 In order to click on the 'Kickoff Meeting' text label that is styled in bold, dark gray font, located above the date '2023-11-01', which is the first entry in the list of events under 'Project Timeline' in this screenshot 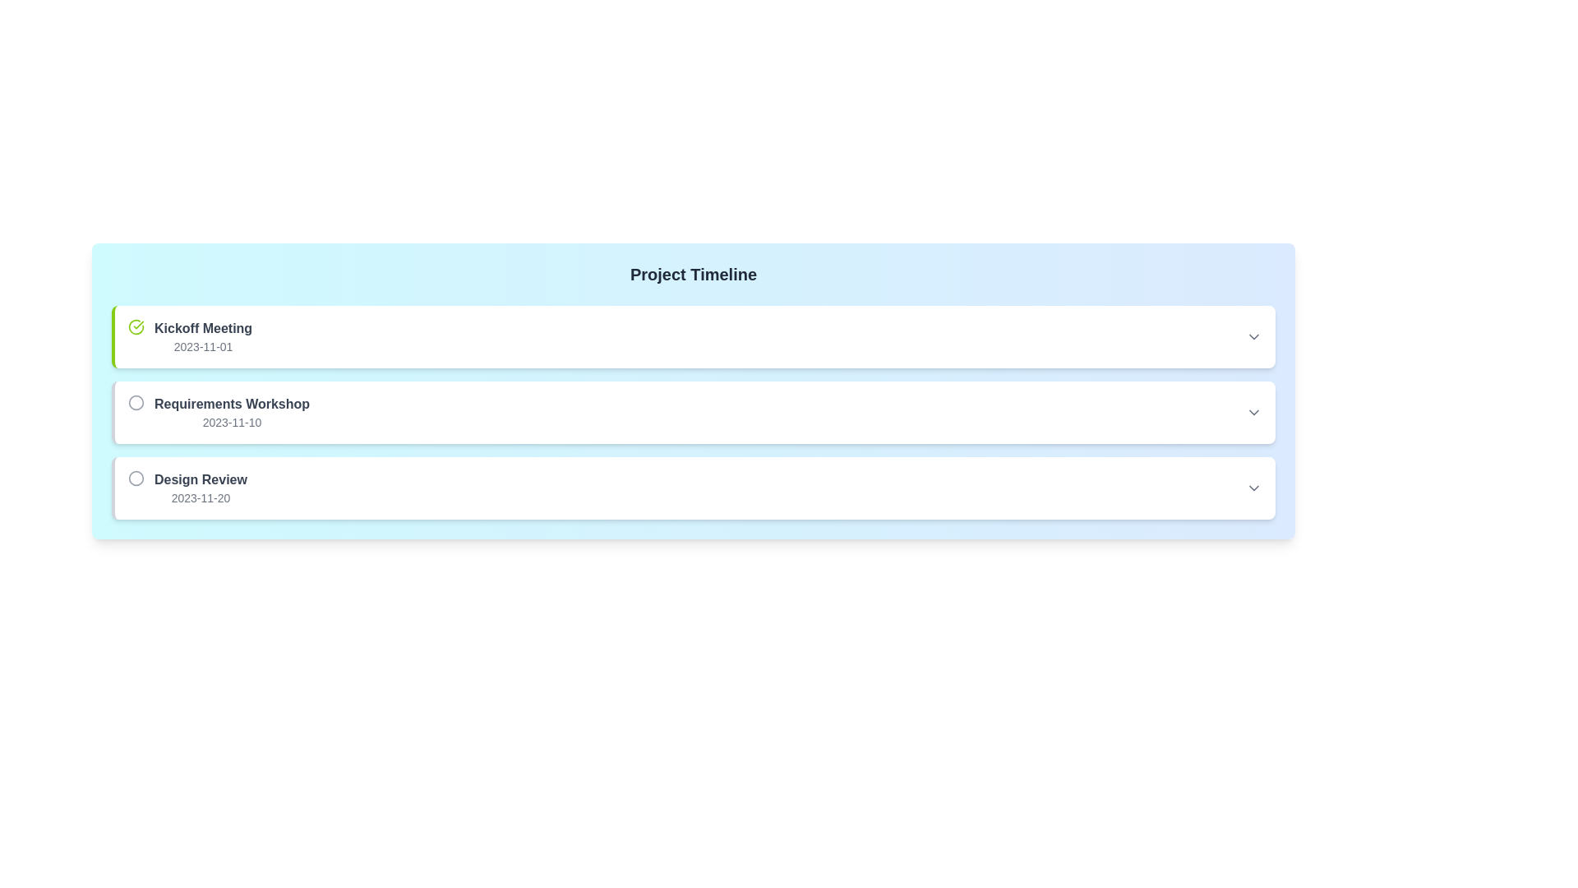, I will do `click(202, 335)`.